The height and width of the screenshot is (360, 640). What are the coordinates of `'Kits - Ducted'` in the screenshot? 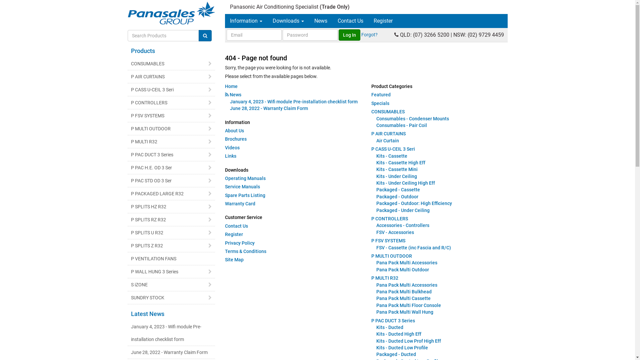 It's located at (390, 327).